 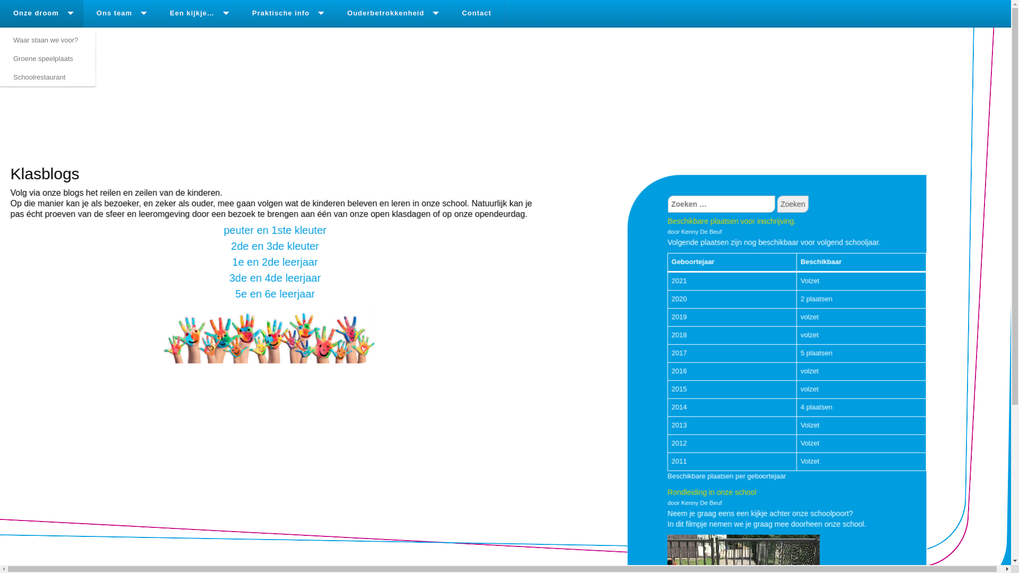 I want to click on 'peuter en 1ste kleuter', so click(x=223, y=229).